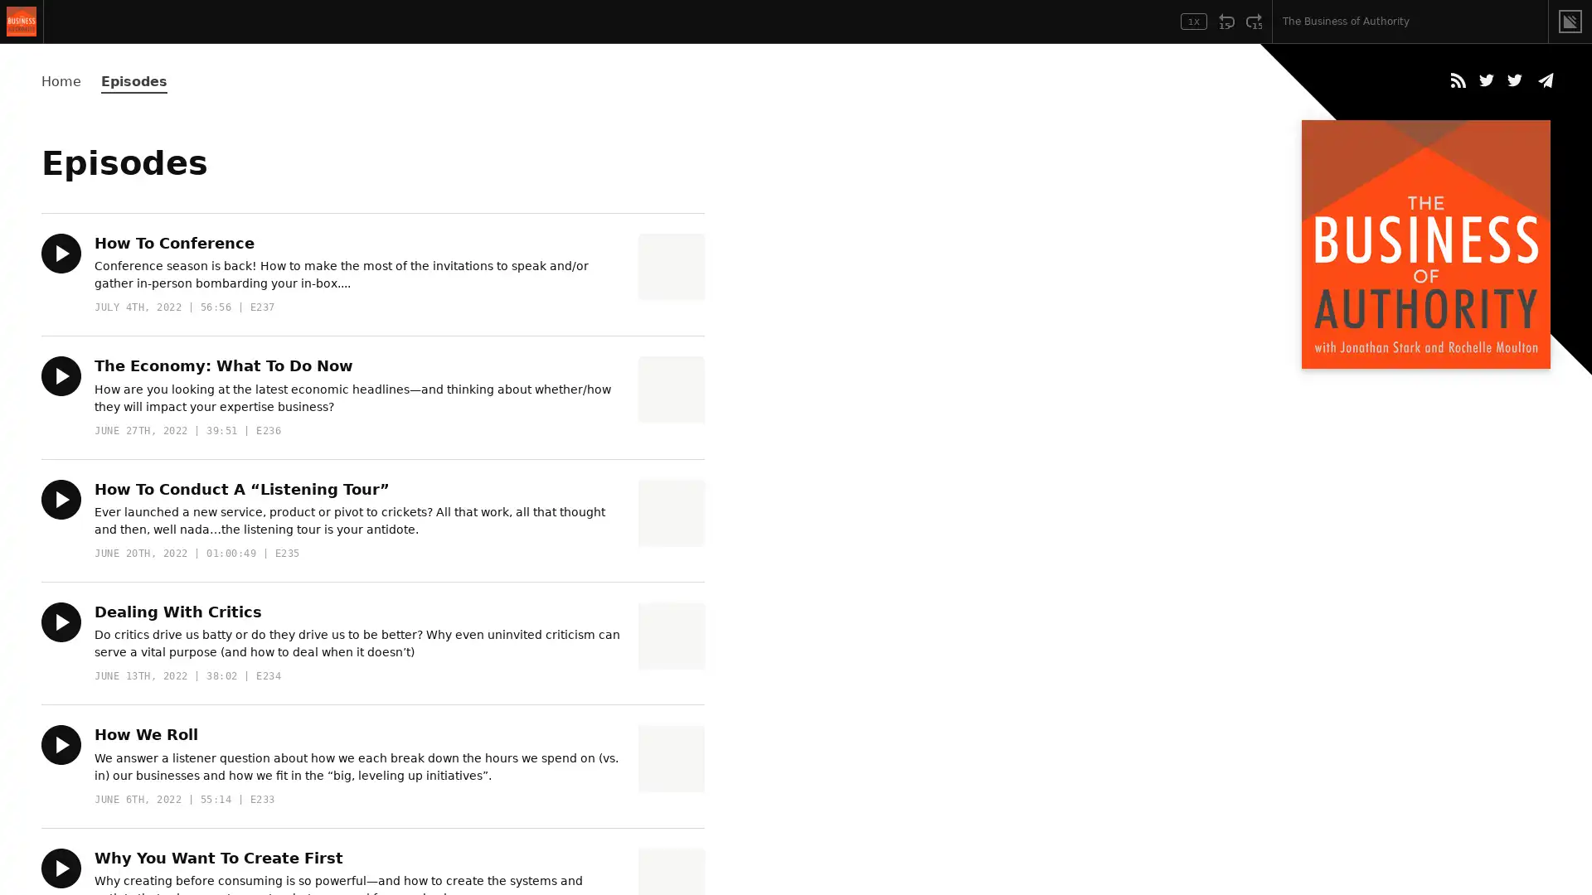  Describe the element at coordinates (1254, 22) in the screenshot. I see `Fast Forward 15 Seconds` at that location.